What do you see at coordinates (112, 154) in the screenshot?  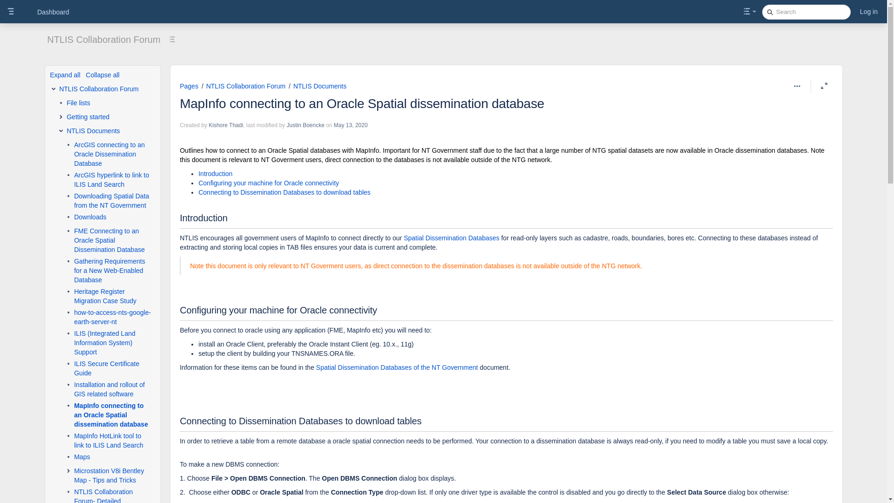 I see `'ArcGIS connecting to an Oracle Dissemination Database'` at bounding box center [112, 154].